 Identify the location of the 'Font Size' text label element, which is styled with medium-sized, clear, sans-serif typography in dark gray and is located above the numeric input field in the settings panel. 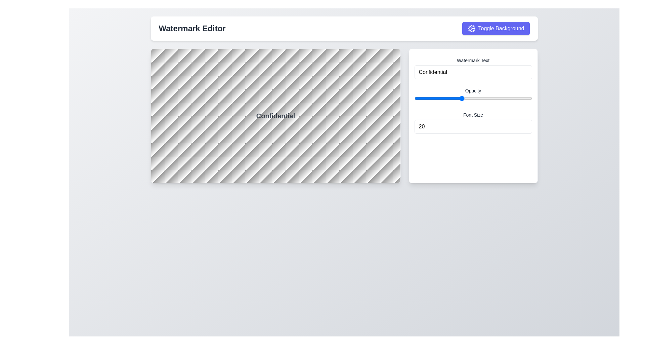
(473, 115).